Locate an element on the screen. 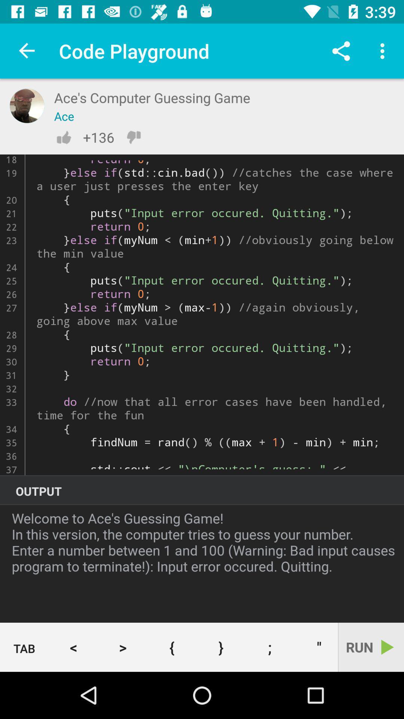 This screenshot has height=719, width=404. icon below the welcome to ace icon is located at coordinates (220, 647).